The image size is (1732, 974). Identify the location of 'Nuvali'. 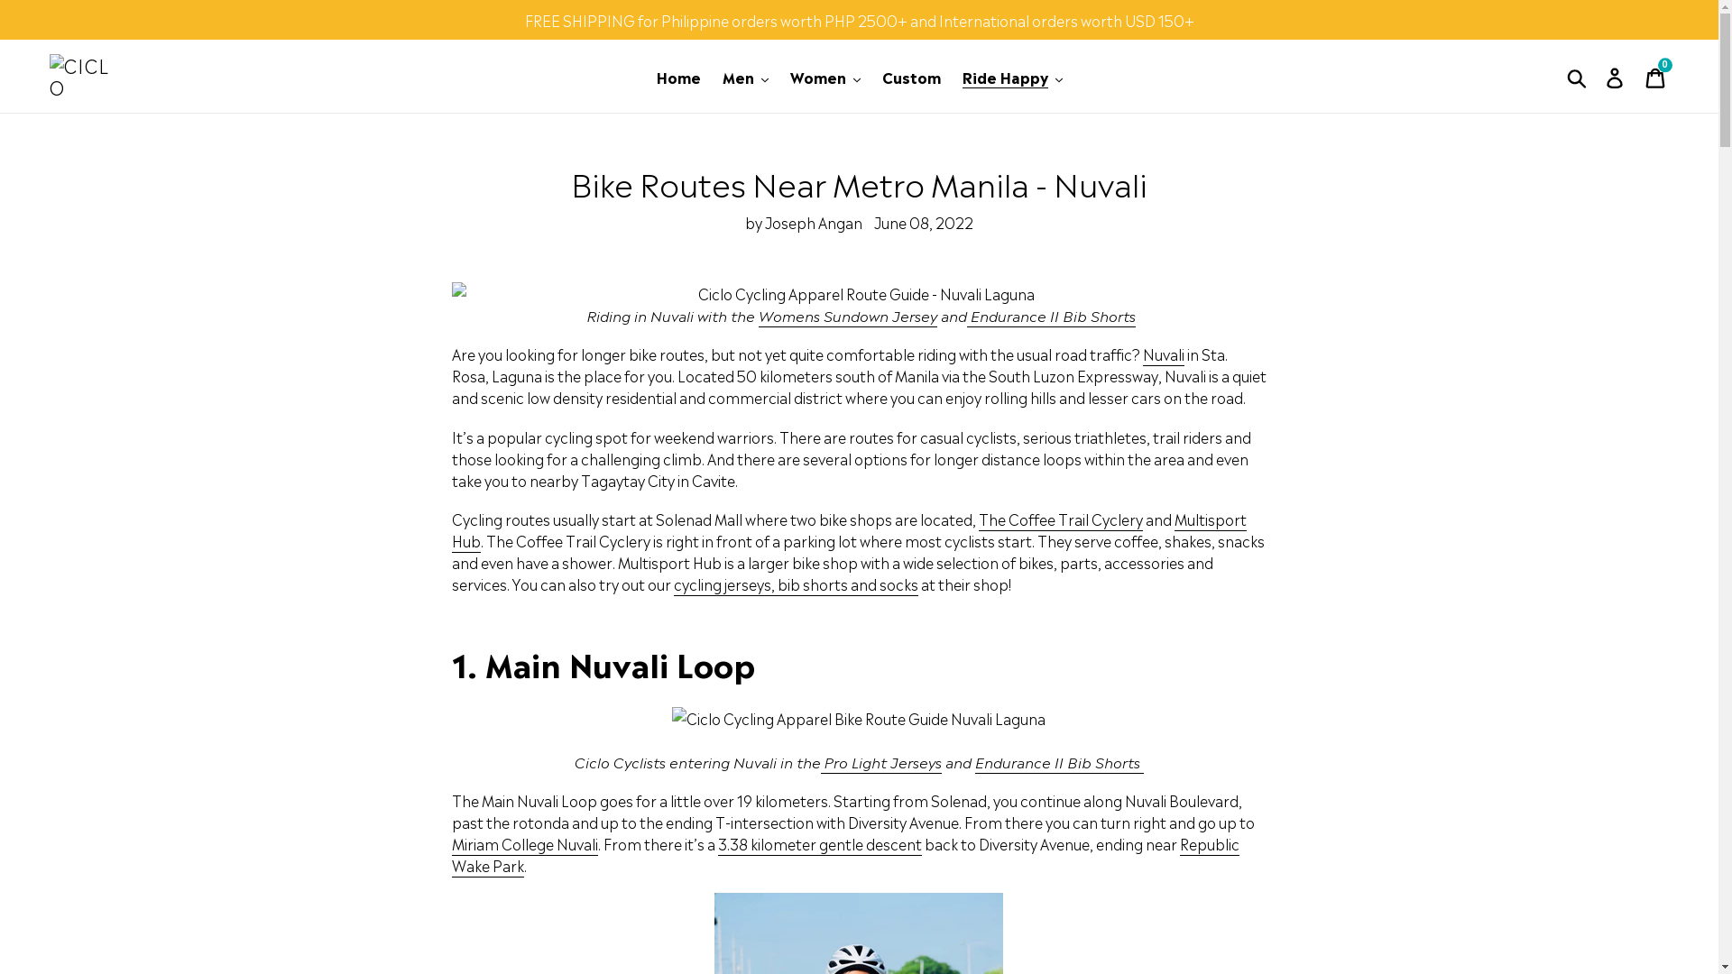
(1164, 354).